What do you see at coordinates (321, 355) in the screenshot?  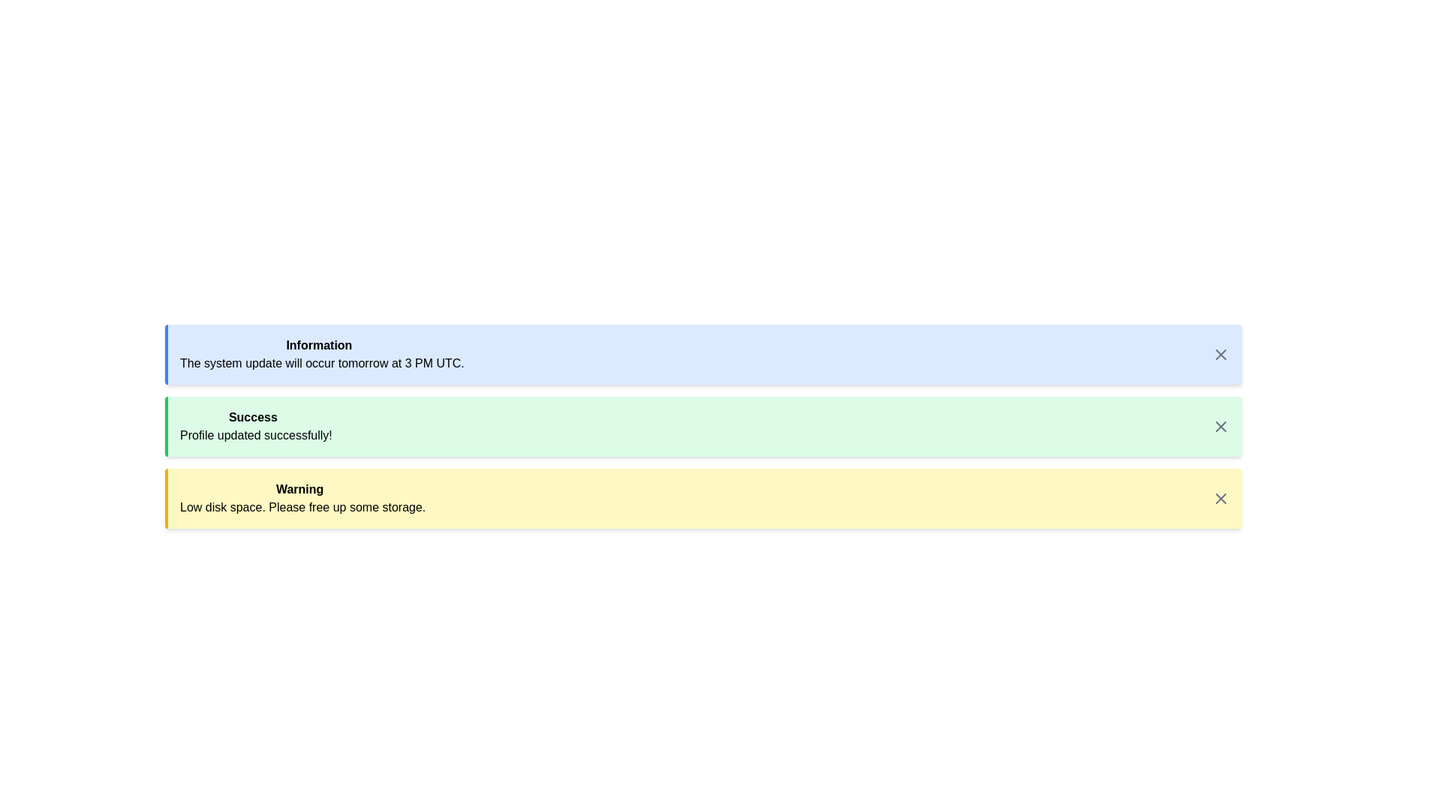 I see `information displayed in the Text Display that shows the bolded title 'Information' and the message about the system update` at bounding box center [321, 355].